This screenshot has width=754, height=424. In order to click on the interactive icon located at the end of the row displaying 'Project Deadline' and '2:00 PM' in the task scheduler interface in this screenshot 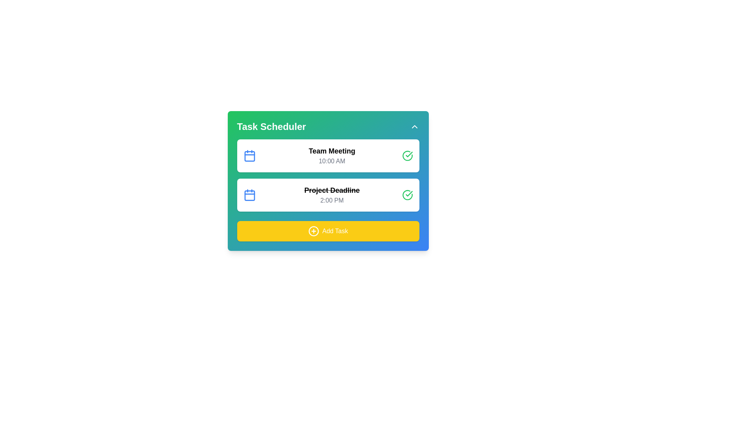, I will do `click(407, 195)`.